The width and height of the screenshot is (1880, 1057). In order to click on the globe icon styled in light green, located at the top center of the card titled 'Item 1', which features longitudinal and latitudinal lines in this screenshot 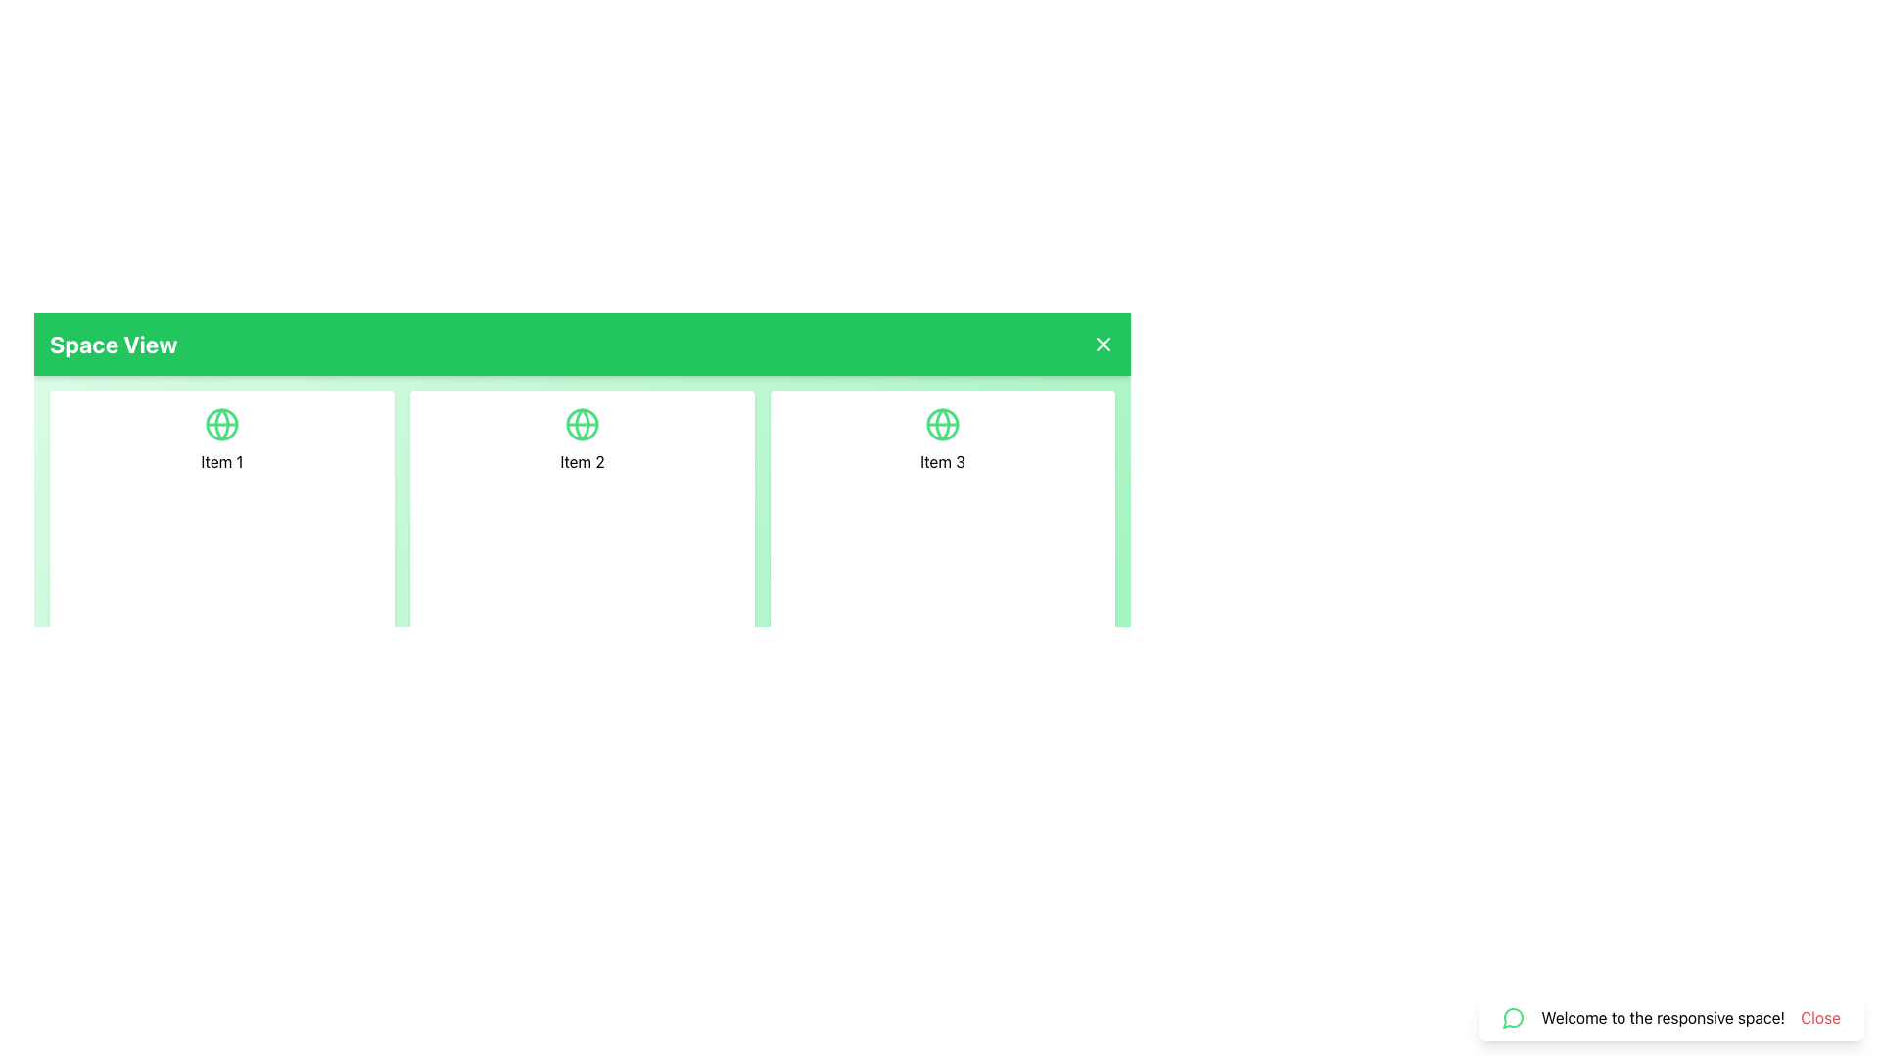, I will do `click(221, 424)`.